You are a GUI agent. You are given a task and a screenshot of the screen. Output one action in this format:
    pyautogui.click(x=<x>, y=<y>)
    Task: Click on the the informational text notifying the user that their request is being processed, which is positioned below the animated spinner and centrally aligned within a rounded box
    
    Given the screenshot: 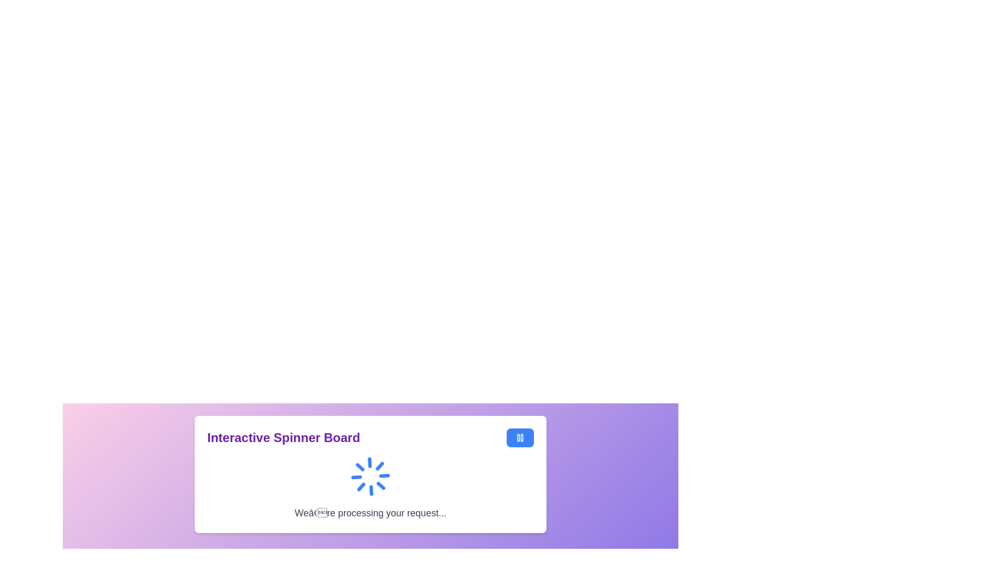 What is the action you would take?
    pyautogui.click(x=371, y=512)
    